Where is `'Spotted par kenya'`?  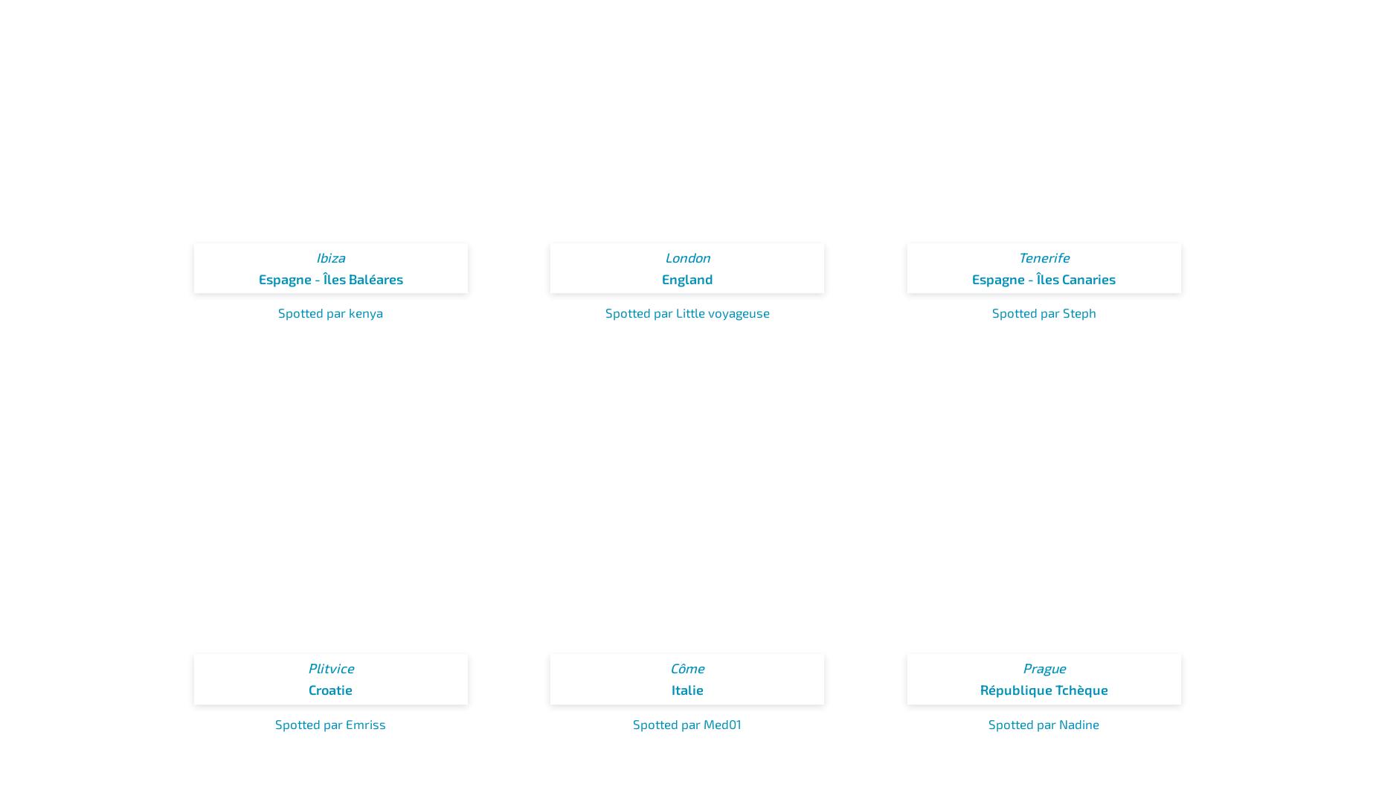 'Spotted par kenya' is located at coordinates (329, 312).